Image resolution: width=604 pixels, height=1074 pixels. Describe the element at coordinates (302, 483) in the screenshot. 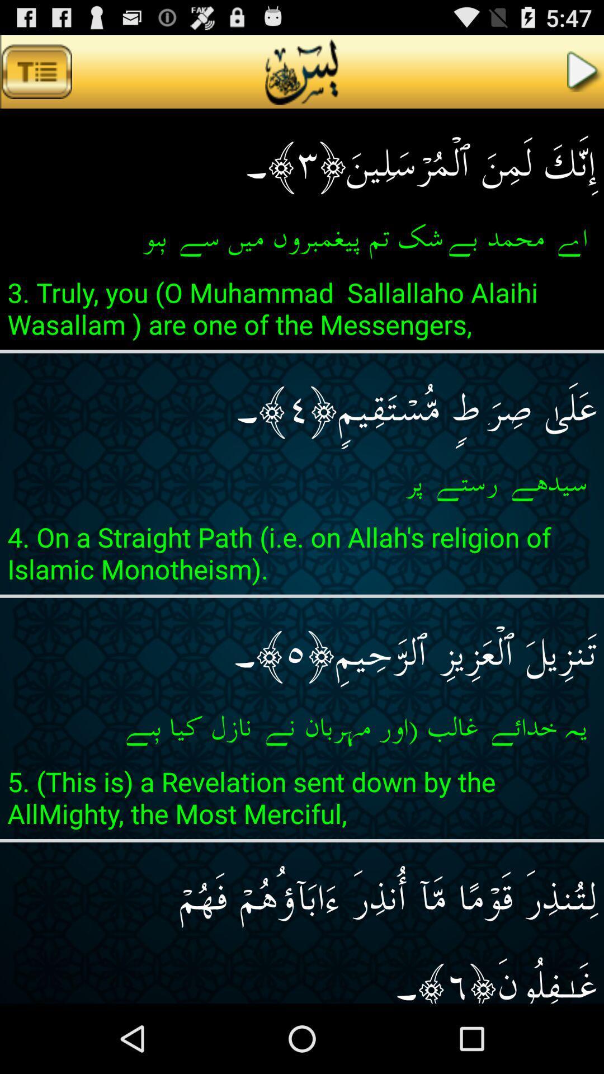

I see `item above 4 on a icon` at that location.